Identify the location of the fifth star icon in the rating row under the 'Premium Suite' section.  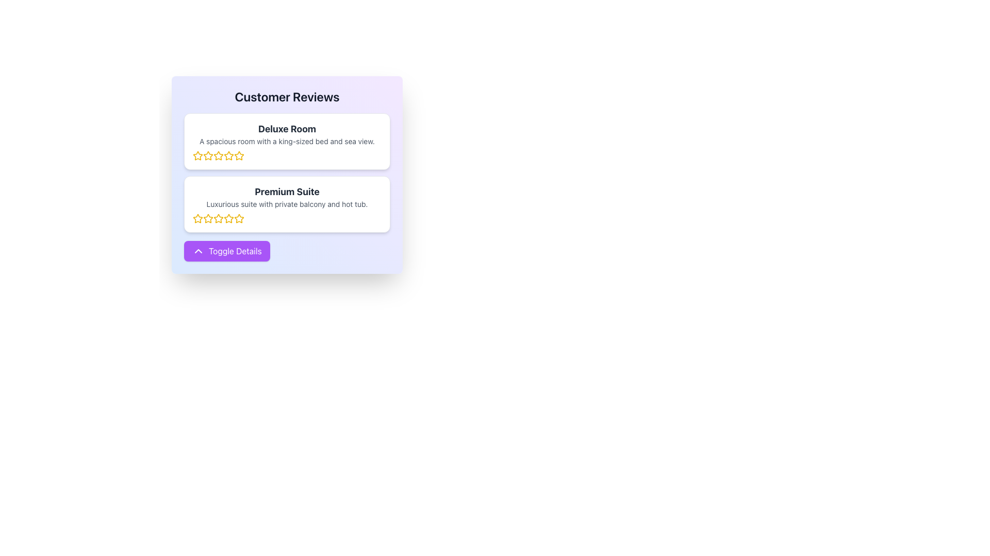
(239, 218).